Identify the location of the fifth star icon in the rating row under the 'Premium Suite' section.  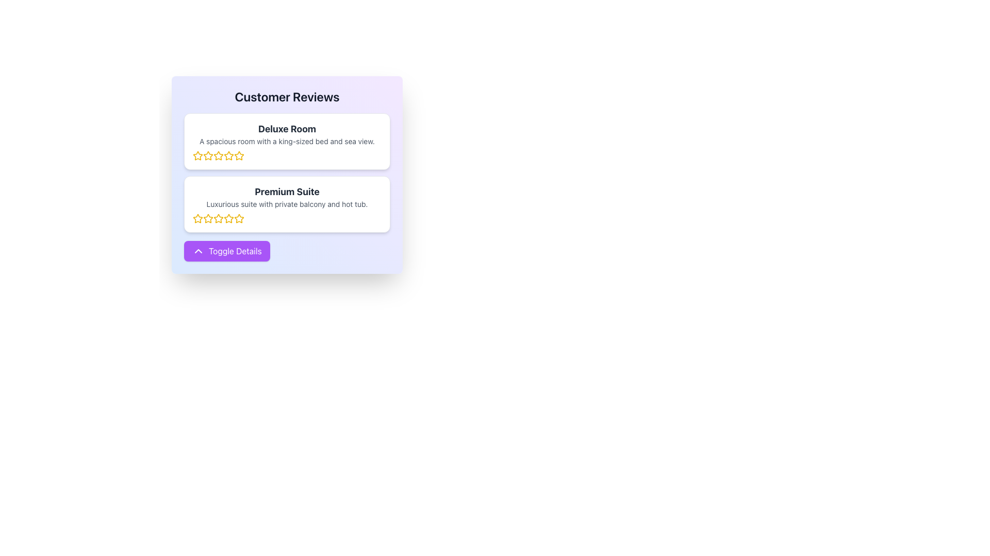
(239, 218).